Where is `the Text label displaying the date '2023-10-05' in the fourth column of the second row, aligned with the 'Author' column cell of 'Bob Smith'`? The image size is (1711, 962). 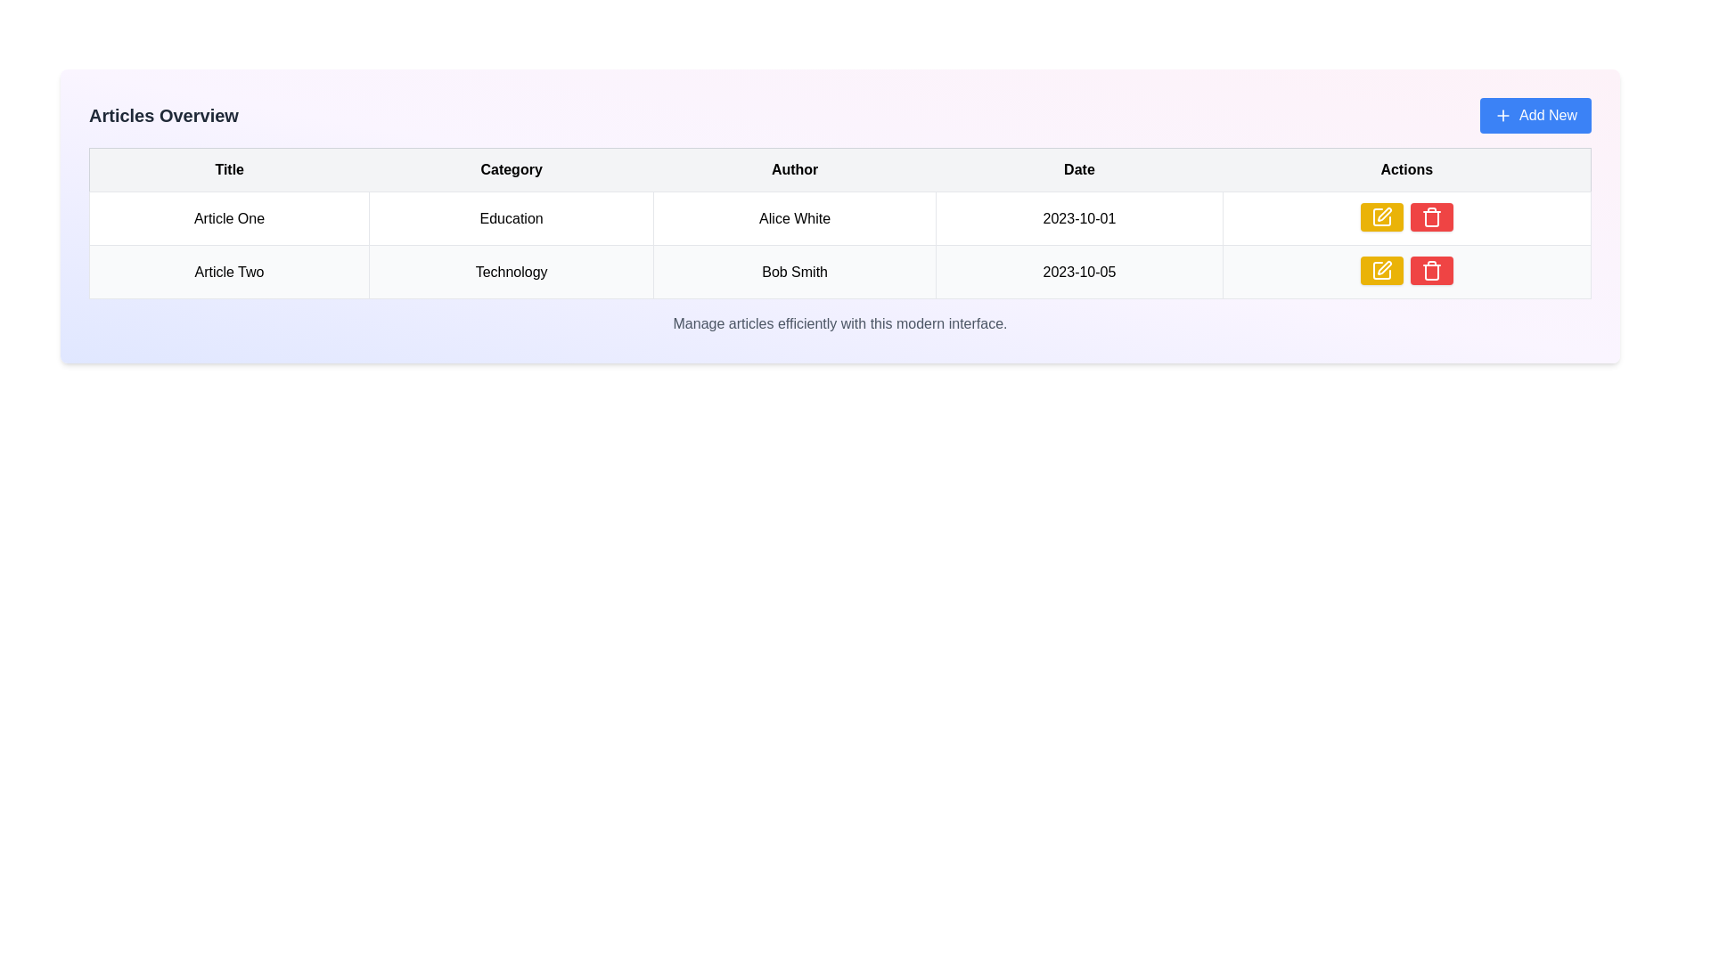
the Text label displaying the date '2023-10-05' in the fourth column of the second row, aligned with the 'Author' column cell of 'Bob Smith' is located at coordinates (1078, 272).